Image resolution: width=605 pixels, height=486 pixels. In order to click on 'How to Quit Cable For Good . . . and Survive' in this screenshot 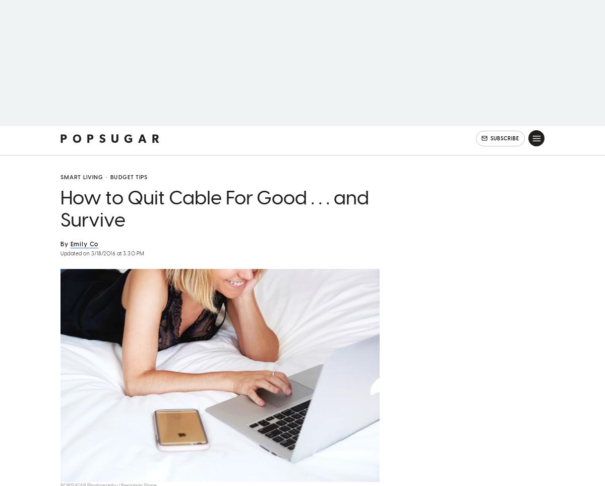, I will do `click(215, 222)`.